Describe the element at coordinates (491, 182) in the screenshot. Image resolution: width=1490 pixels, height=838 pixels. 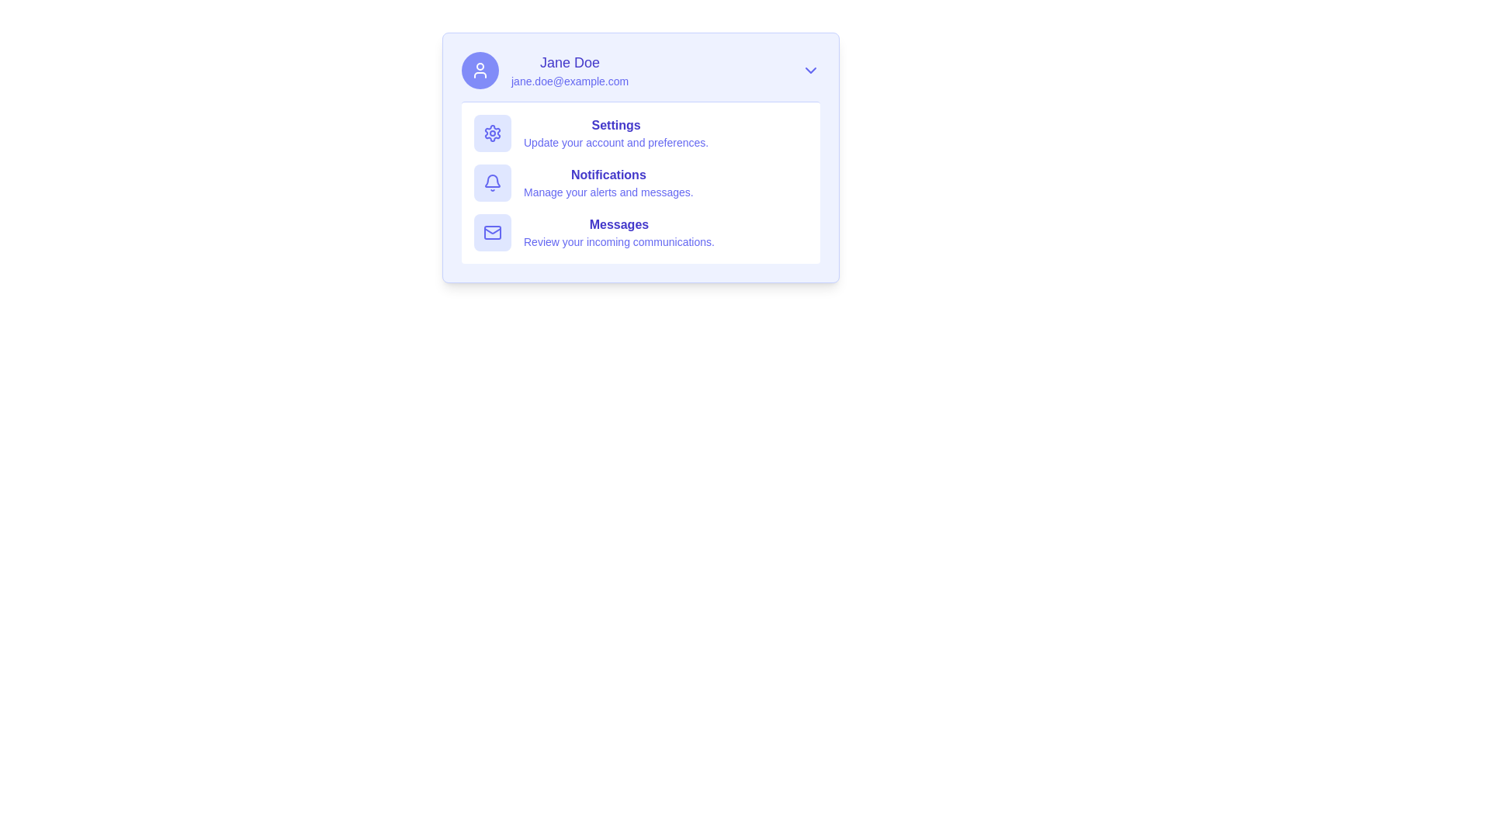
I see `the bell icon next to the text 'Notifications' to interact with the associated notifications feature` at that location.